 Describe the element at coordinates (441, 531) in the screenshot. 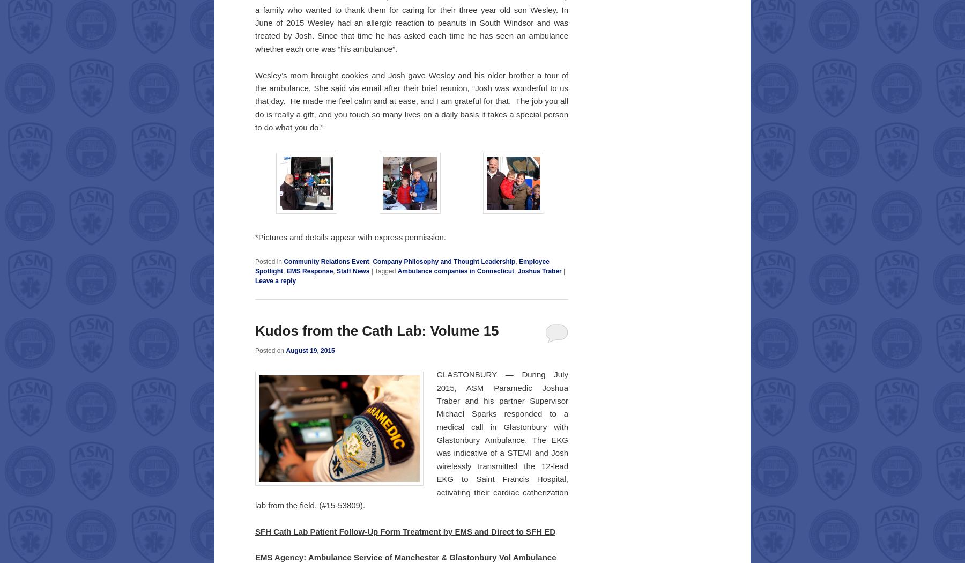

I see `'by EMS and Direct to SFH ED'` at that location.